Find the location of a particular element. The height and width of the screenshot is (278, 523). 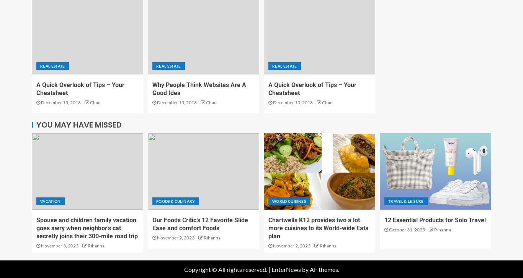

'|' is located at coordinates (270, 269).